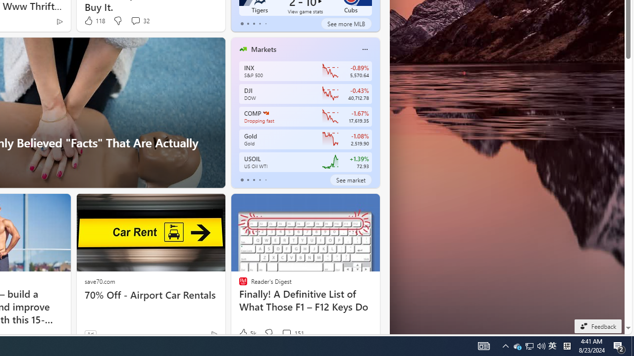 The height and width of the screenshot is (356, 634). I want to click on 'View comments 32 Comment', so click(139, 21).